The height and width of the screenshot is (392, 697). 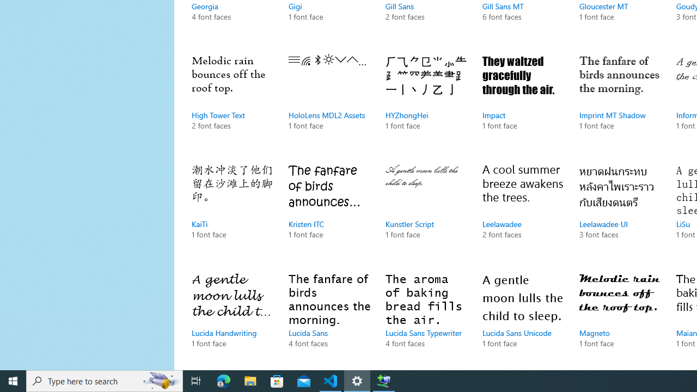 I want to click on 'Microsoft Edge', so click(x=223, y=380).